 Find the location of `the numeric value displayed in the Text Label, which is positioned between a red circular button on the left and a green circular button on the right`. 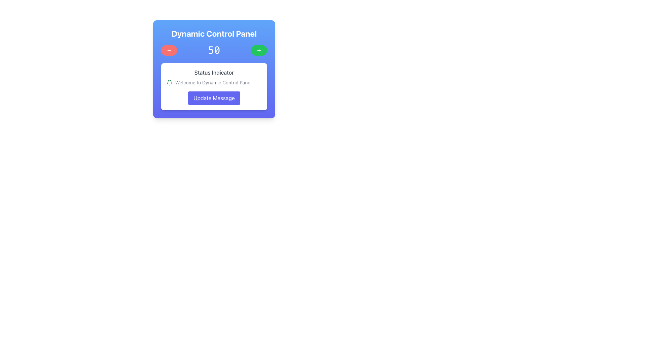

the numeric value displayed in the Text Label, which is positioned between a red circular button on the left and a green circular button on the right is located at coordinates (214, 50).